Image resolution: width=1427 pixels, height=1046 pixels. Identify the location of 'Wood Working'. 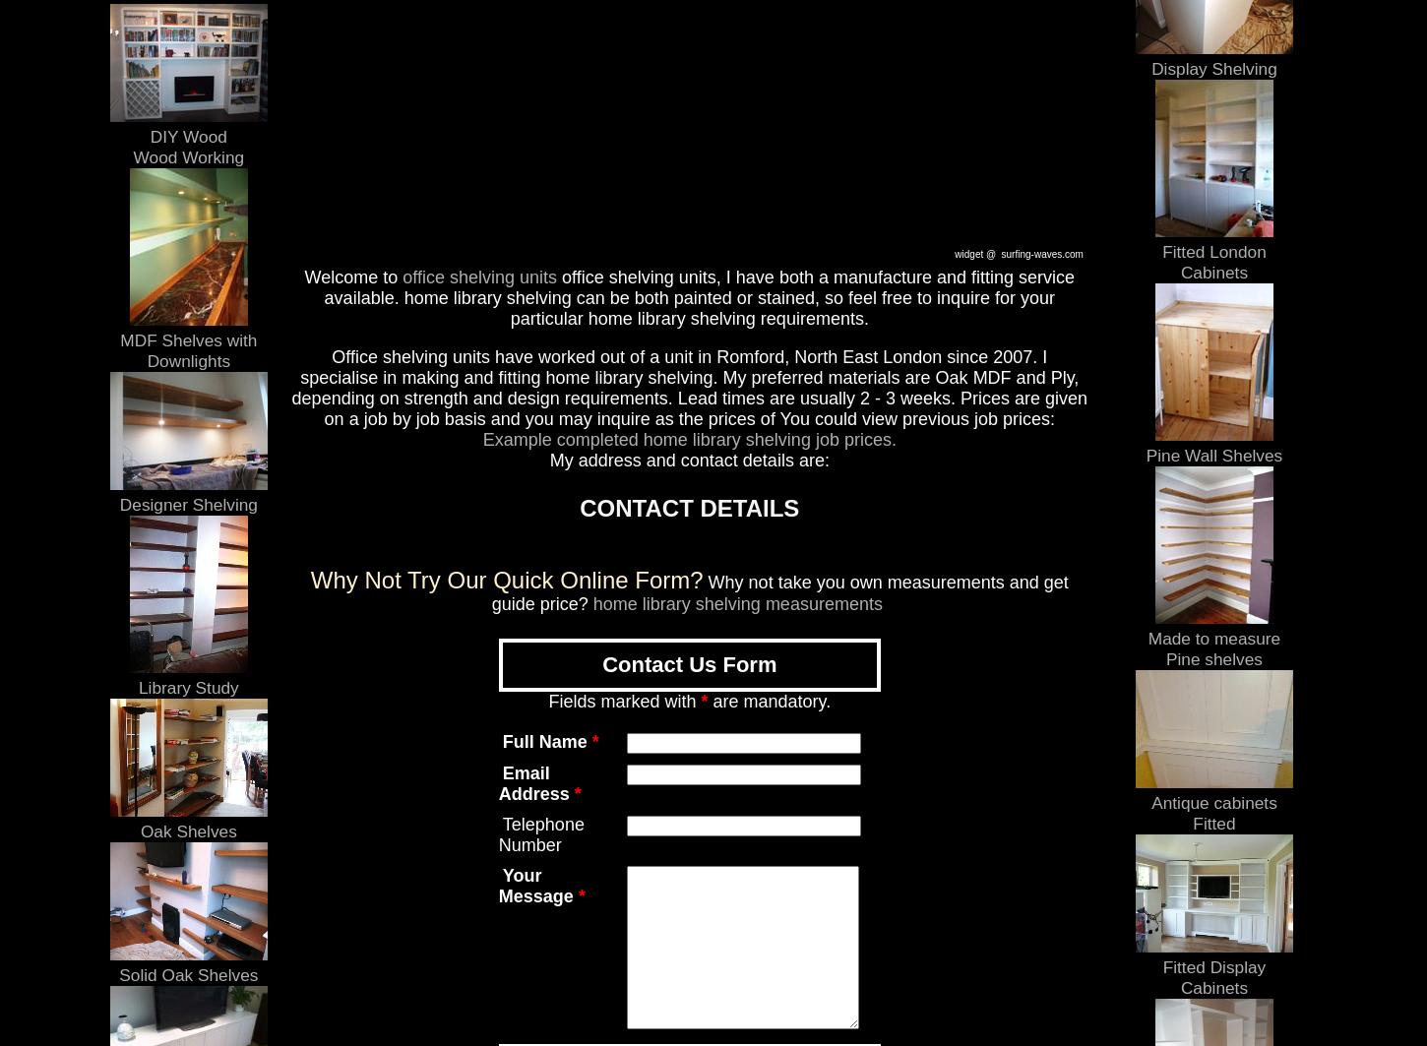
(187, 156).